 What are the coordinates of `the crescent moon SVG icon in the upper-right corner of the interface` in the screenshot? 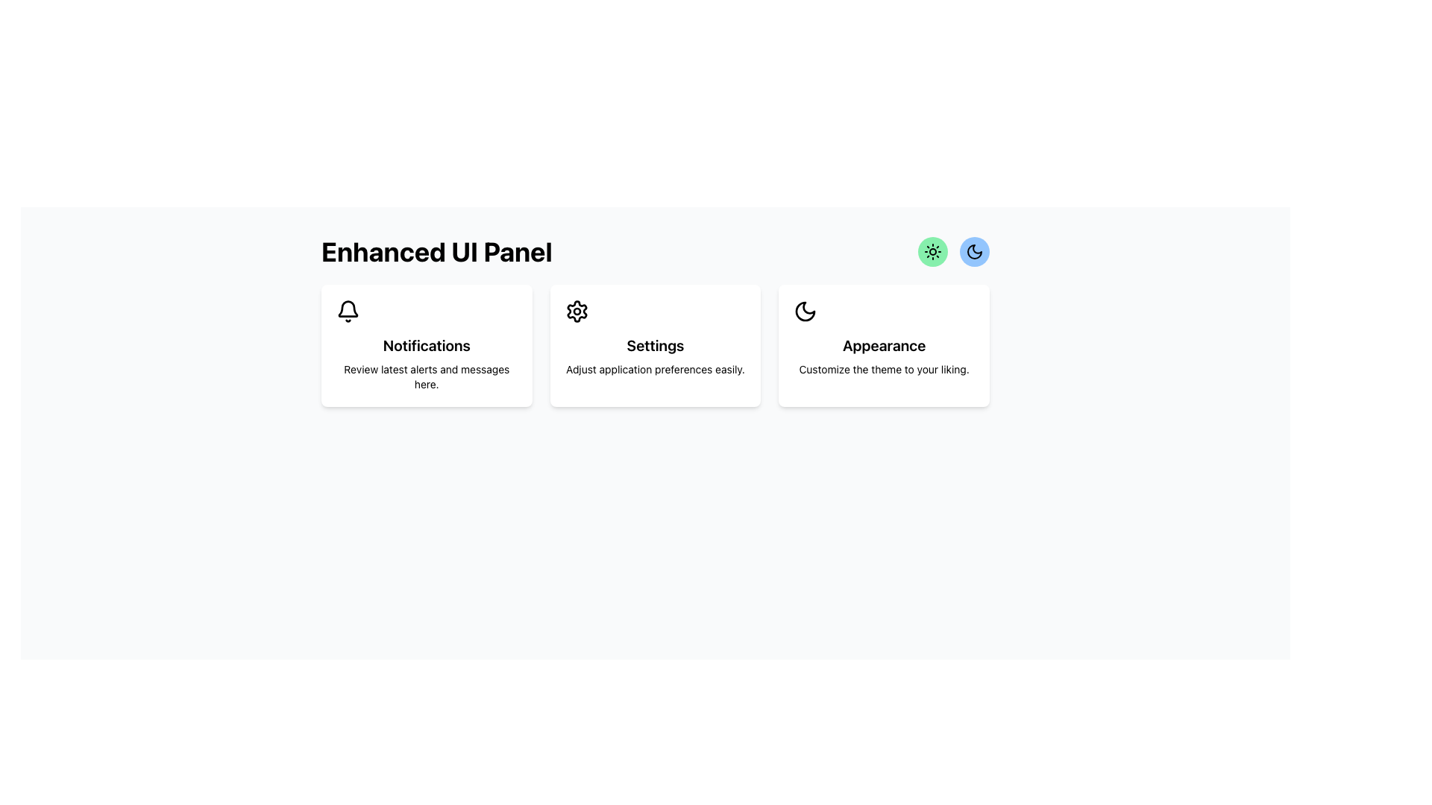 It's located at (805, 310).